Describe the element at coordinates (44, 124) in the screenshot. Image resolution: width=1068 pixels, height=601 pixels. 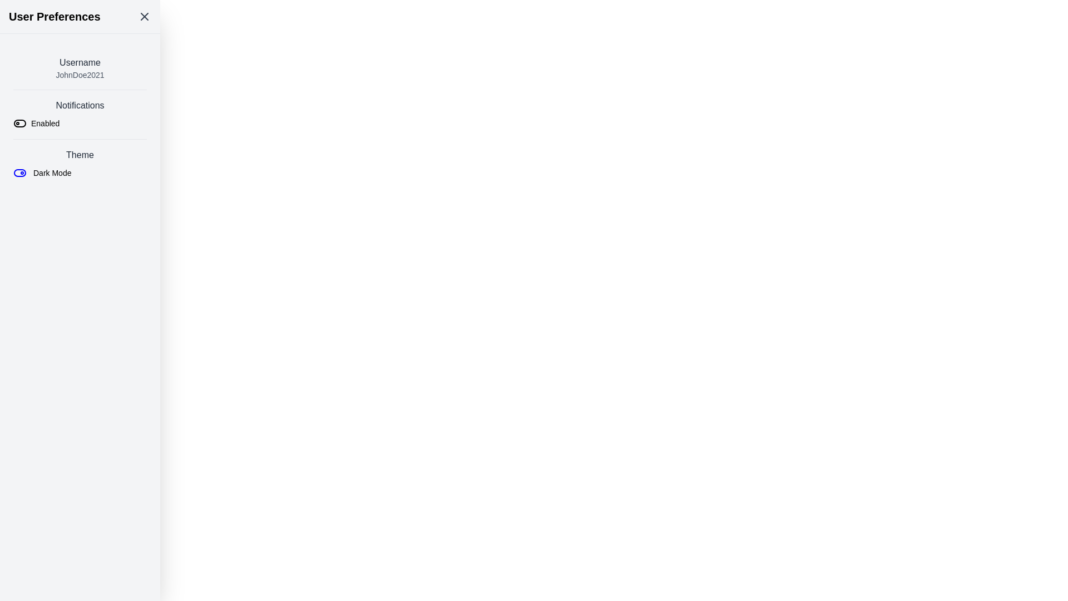
I see `Text Label indicating the current state of the toggle switch, which shows 'Enabled.' This label is located in the 'Notifications' section of the 'User Preferences' menu, positioned to the right of the toggle-related icon` at that location.